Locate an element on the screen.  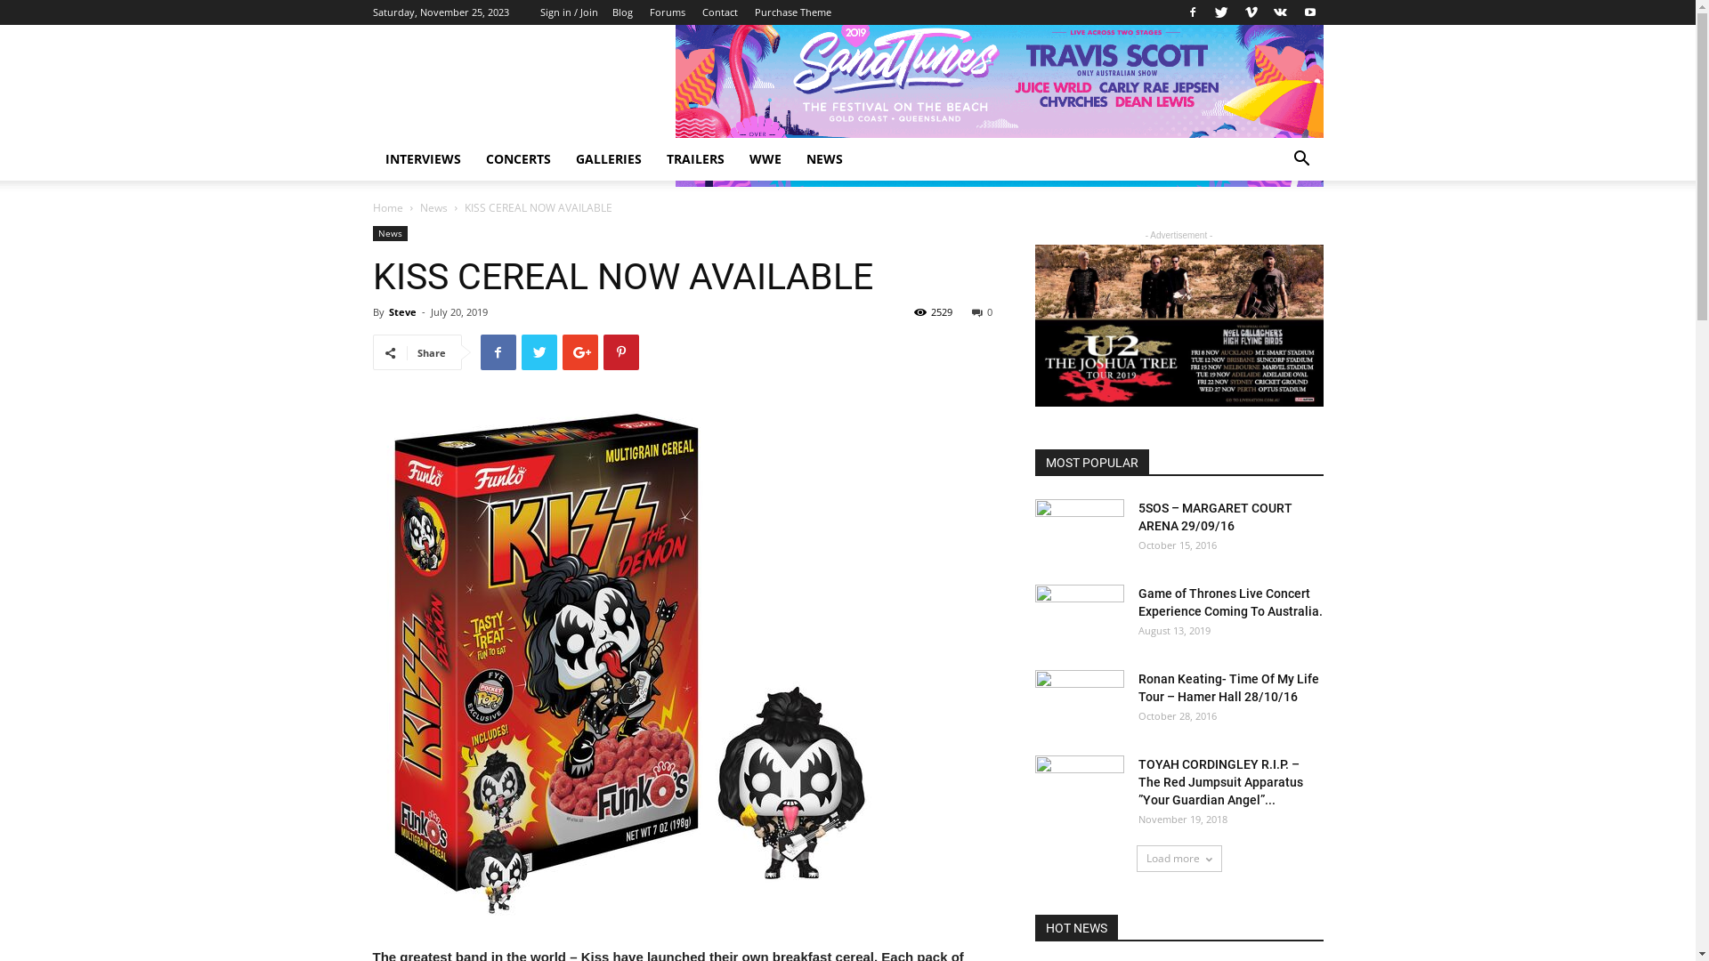
'Blog' is located at coordinates (622, 12).